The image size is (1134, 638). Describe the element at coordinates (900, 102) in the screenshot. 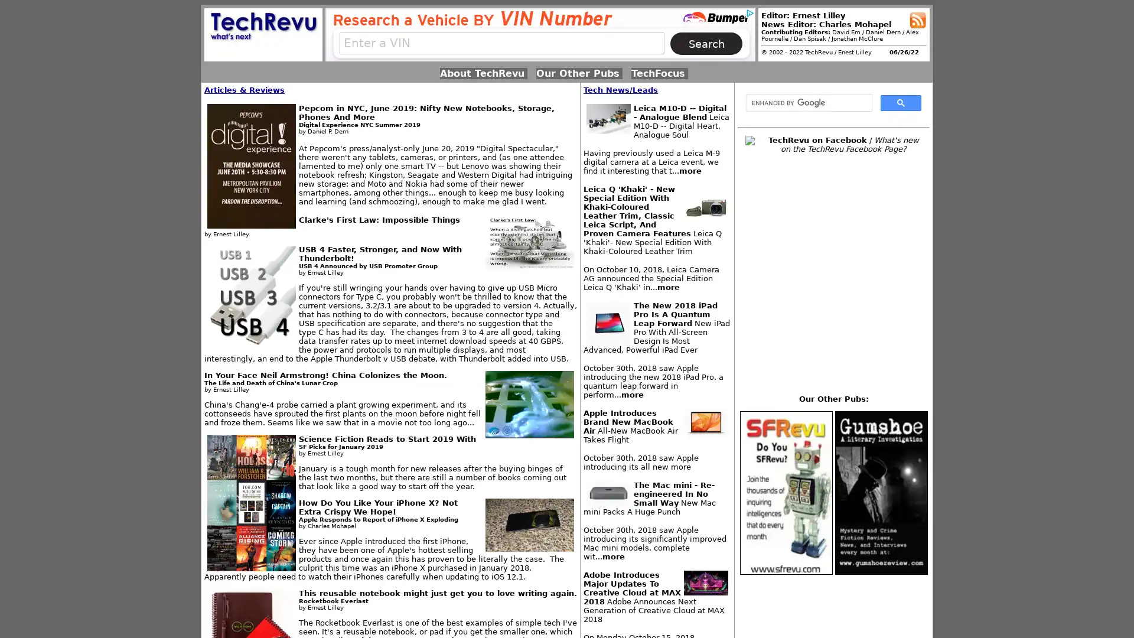

I see `search` at that location.